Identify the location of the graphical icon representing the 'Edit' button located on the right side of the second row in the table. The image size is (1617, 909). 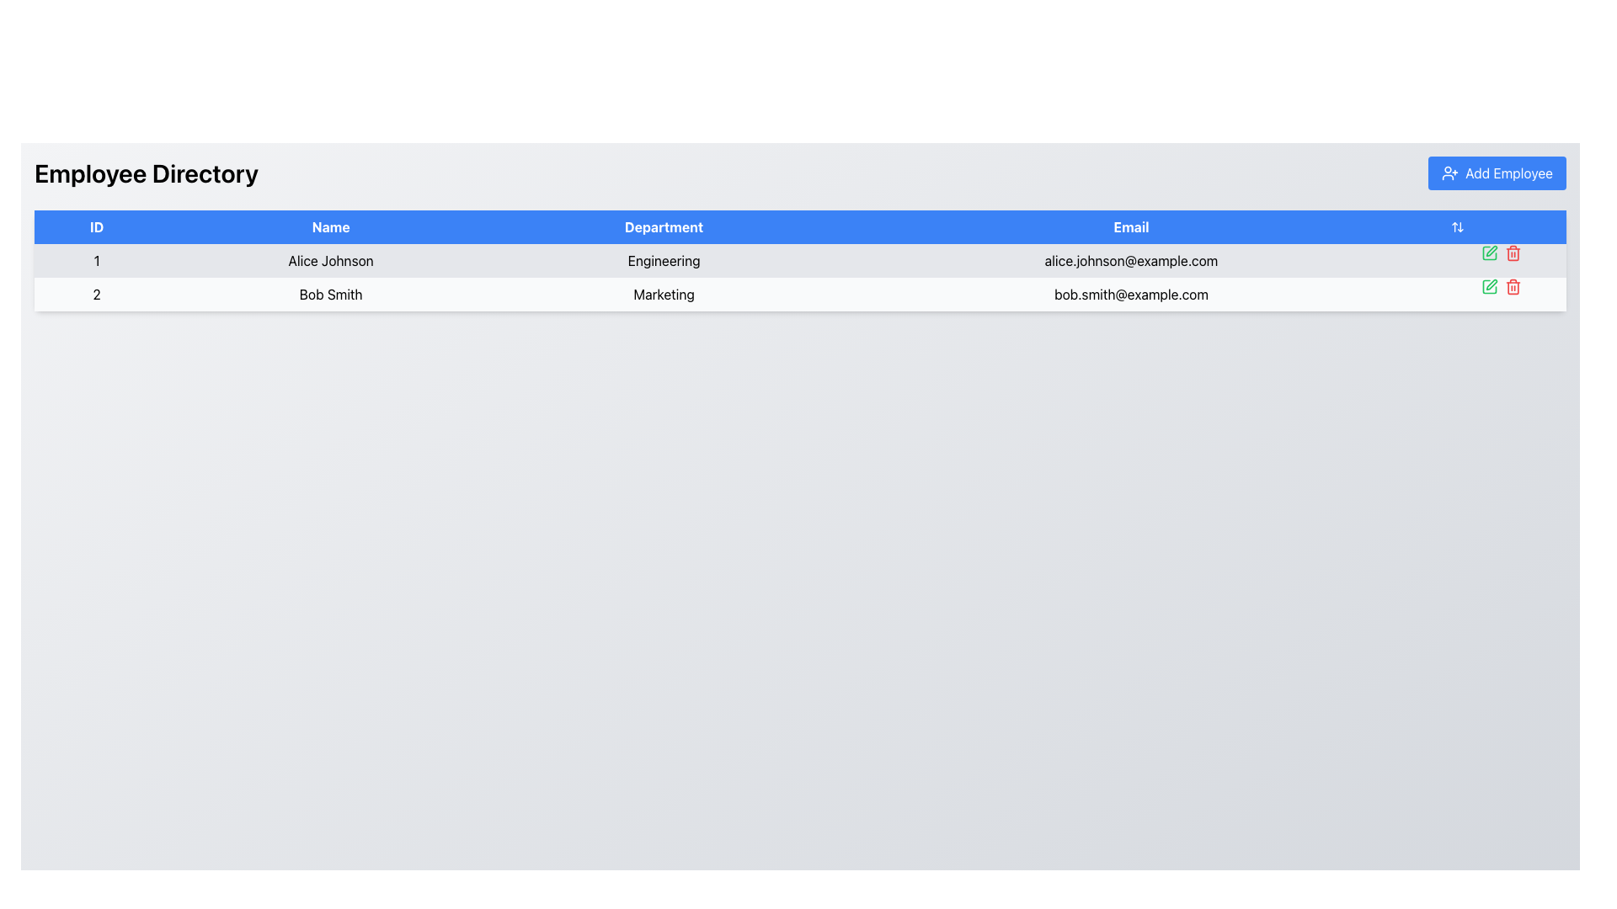
(1490, 285).